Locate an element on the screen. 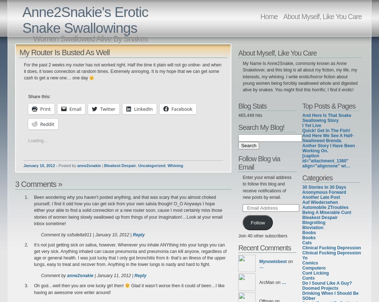 Image resolution: width=379 pixels, height=302 pixels. 'Bleakest Despair' is located at coordinates (120, 165).